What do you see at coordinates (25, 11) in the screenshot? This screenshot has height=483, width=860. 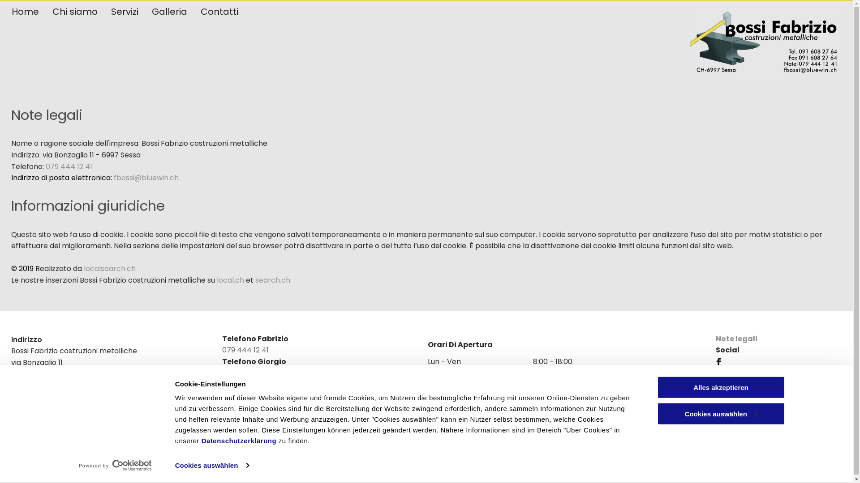 I see `'Home'` at bounding box center [25, 11].